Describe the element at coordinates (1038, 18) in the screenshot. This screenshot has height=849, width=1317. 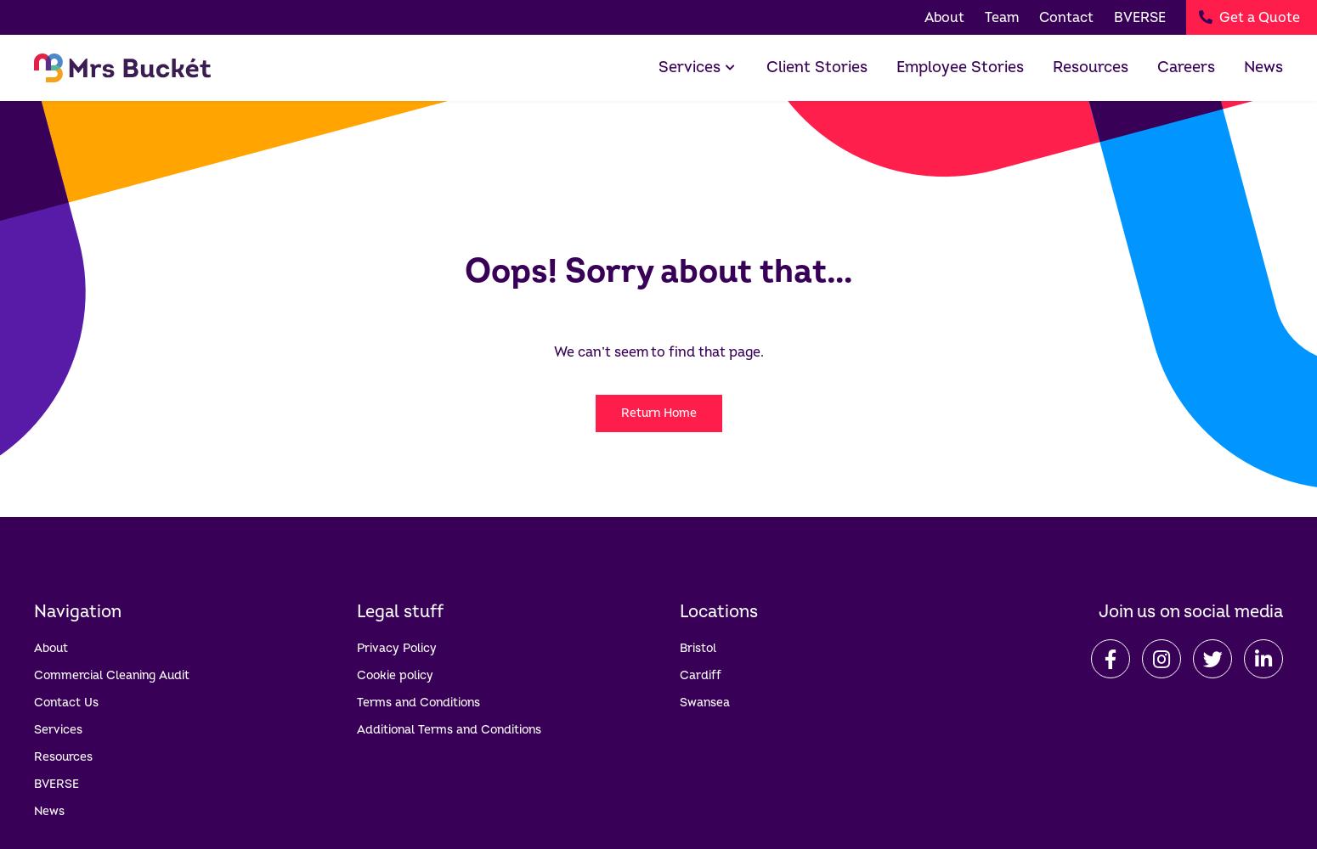
I see `'Contact'` at that location.